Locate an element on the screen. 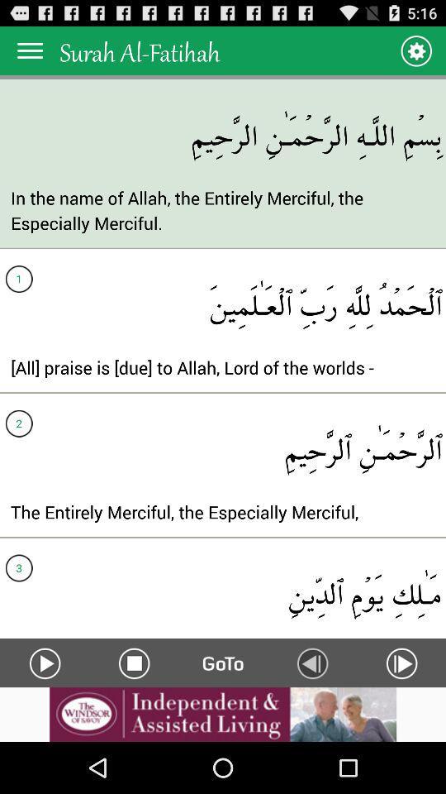  settings link is located at coordinates (415, 50).